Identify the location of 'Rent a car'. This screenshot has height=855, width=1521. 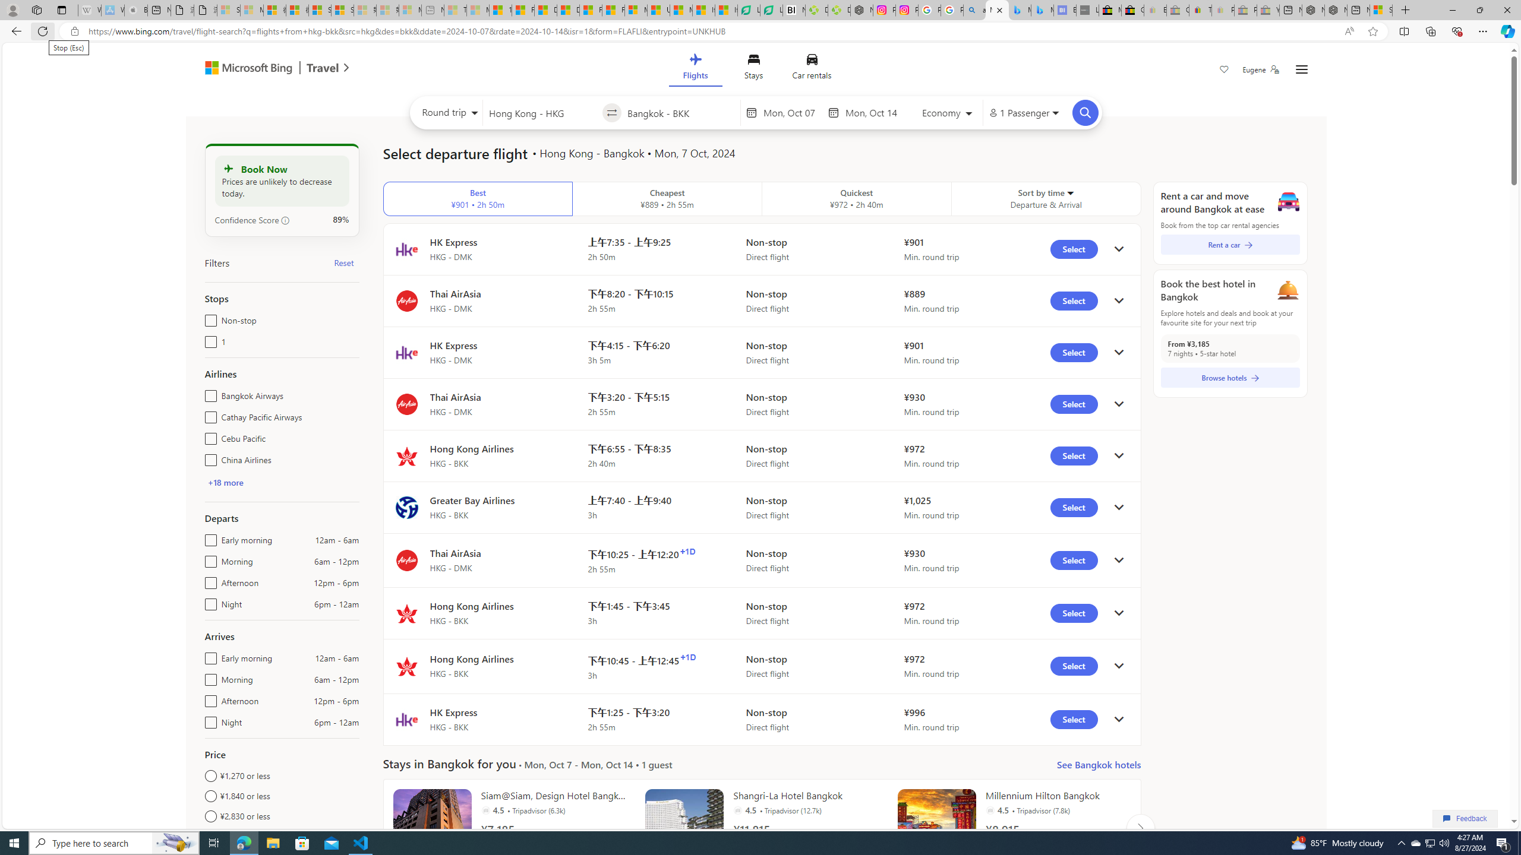
(1230, 243).